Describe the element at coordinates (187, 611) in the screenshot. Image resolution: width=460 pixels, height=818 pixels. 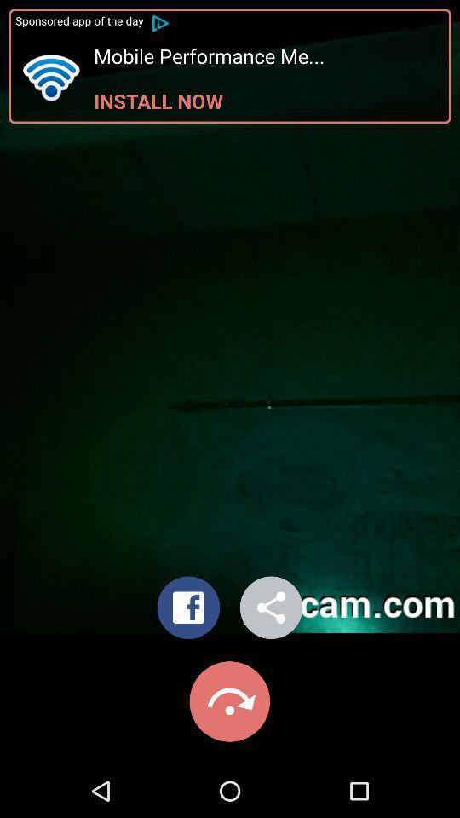
I see `the facebook icon` at that location.